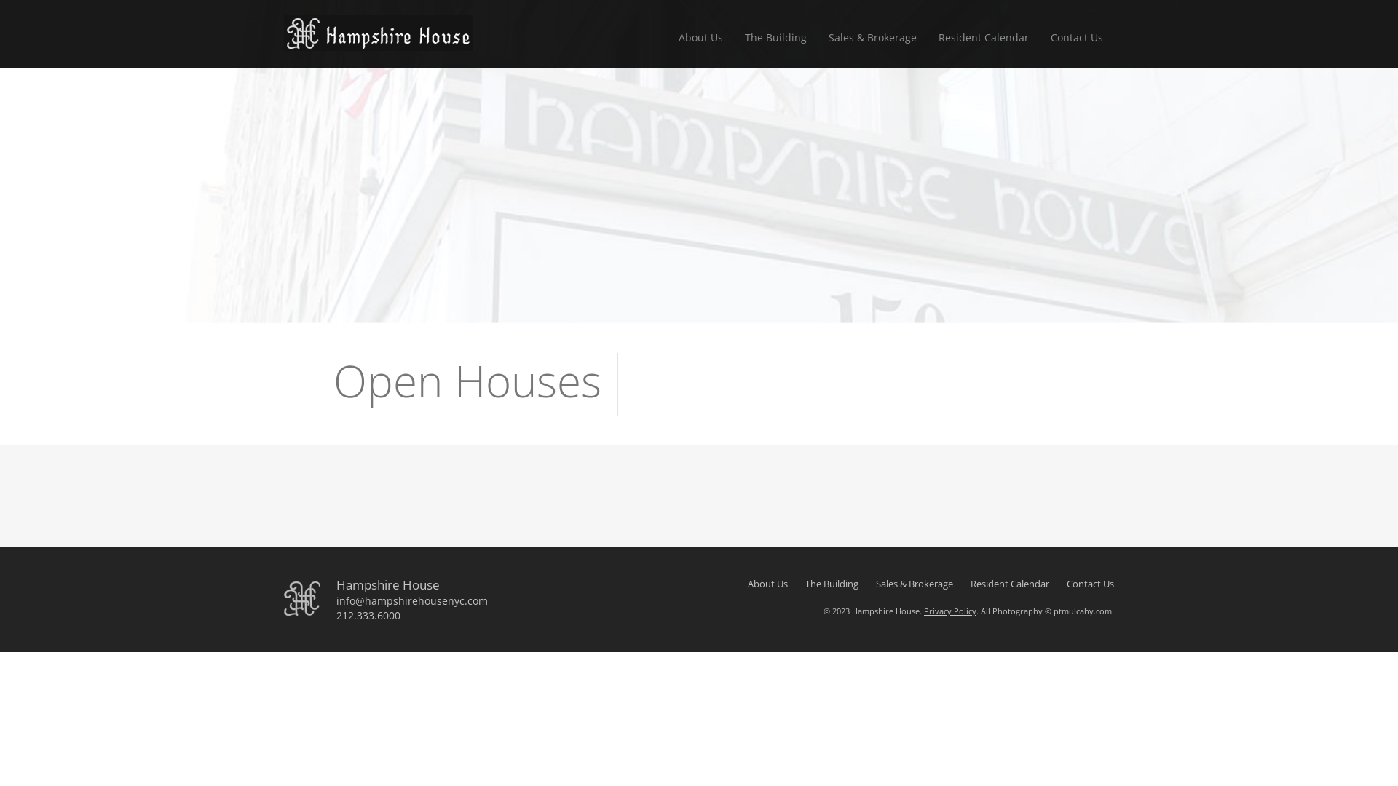 This screenshot has height=786, width=1398. What do you see at coordinates (872, 41) in the screenshot?
I see `'Sales & Brokerage'` at bounding box center [872, 41].